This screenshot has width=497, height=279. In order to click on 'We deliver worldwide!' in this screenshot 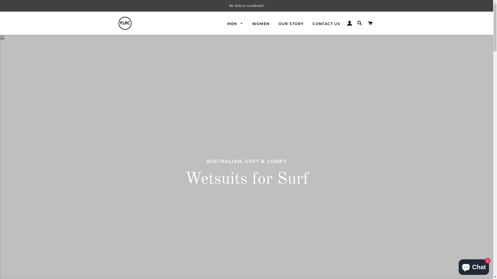, I will do `click(246, 6)`.